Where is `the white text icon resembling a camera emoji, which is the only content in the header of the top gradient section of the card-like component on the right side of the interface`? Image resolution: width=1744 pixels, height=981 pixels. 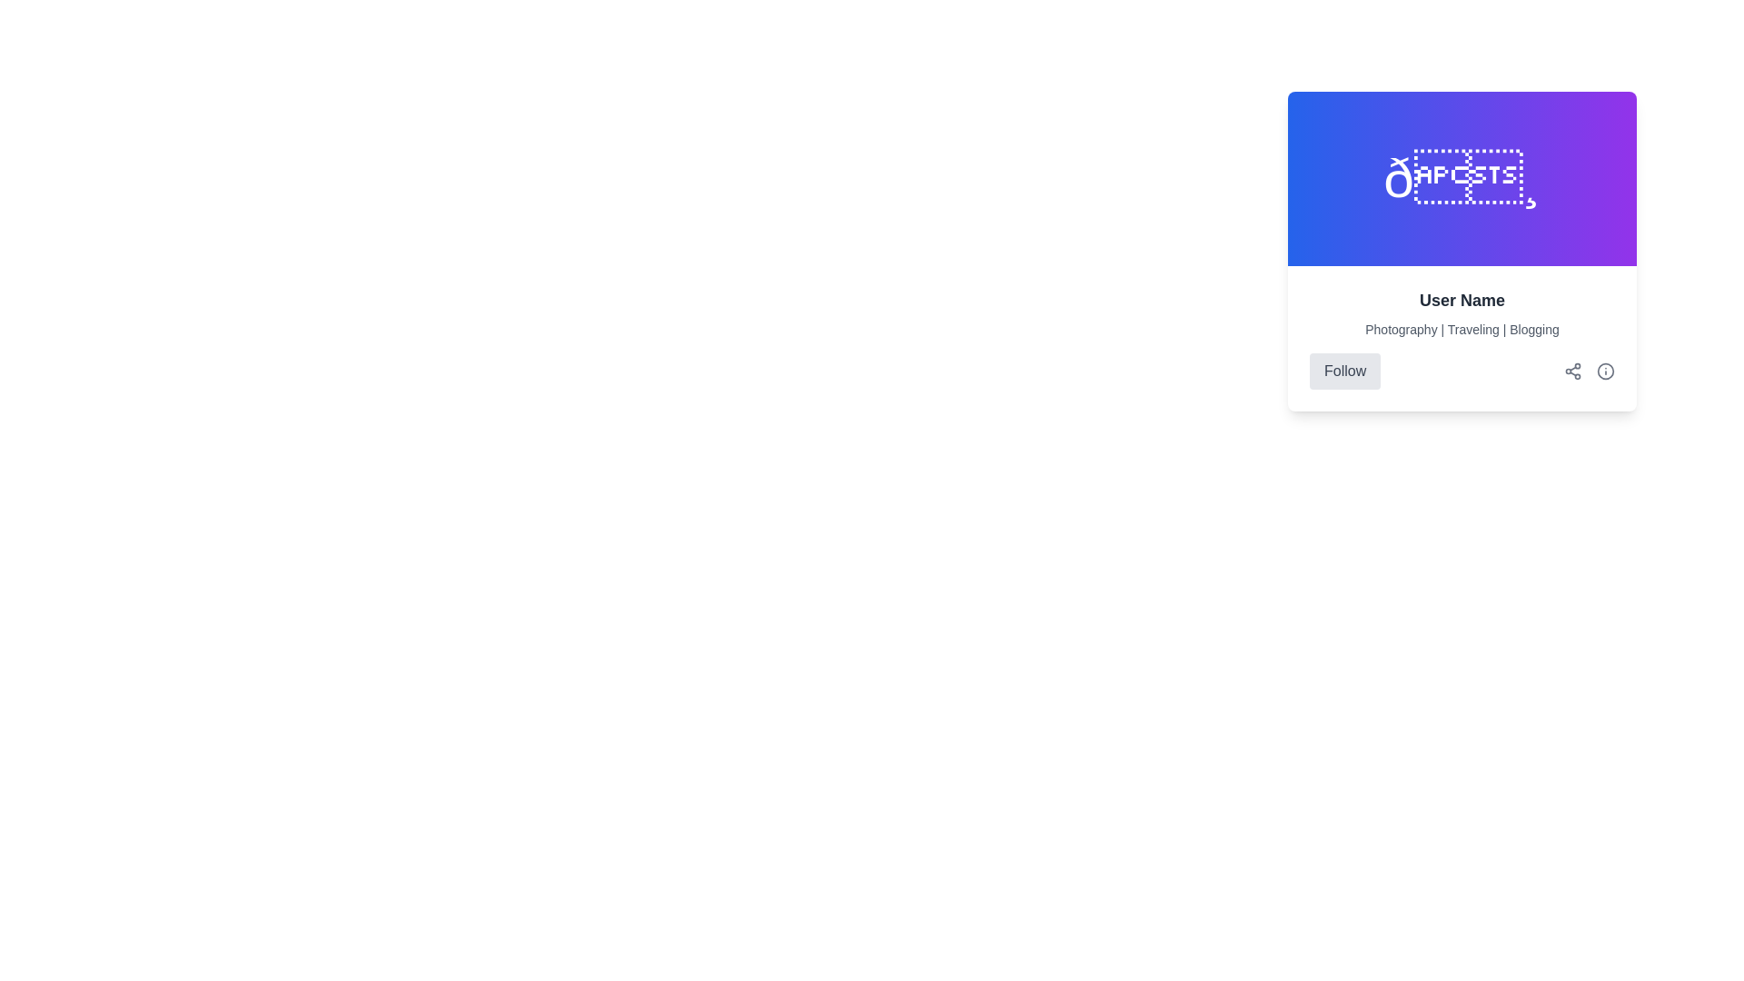 the white text icon resembling a camera emoji, which is the only content in the header of the top gradient section of the card-like component on the right side of the interface is located at coordinates (1462, 178).